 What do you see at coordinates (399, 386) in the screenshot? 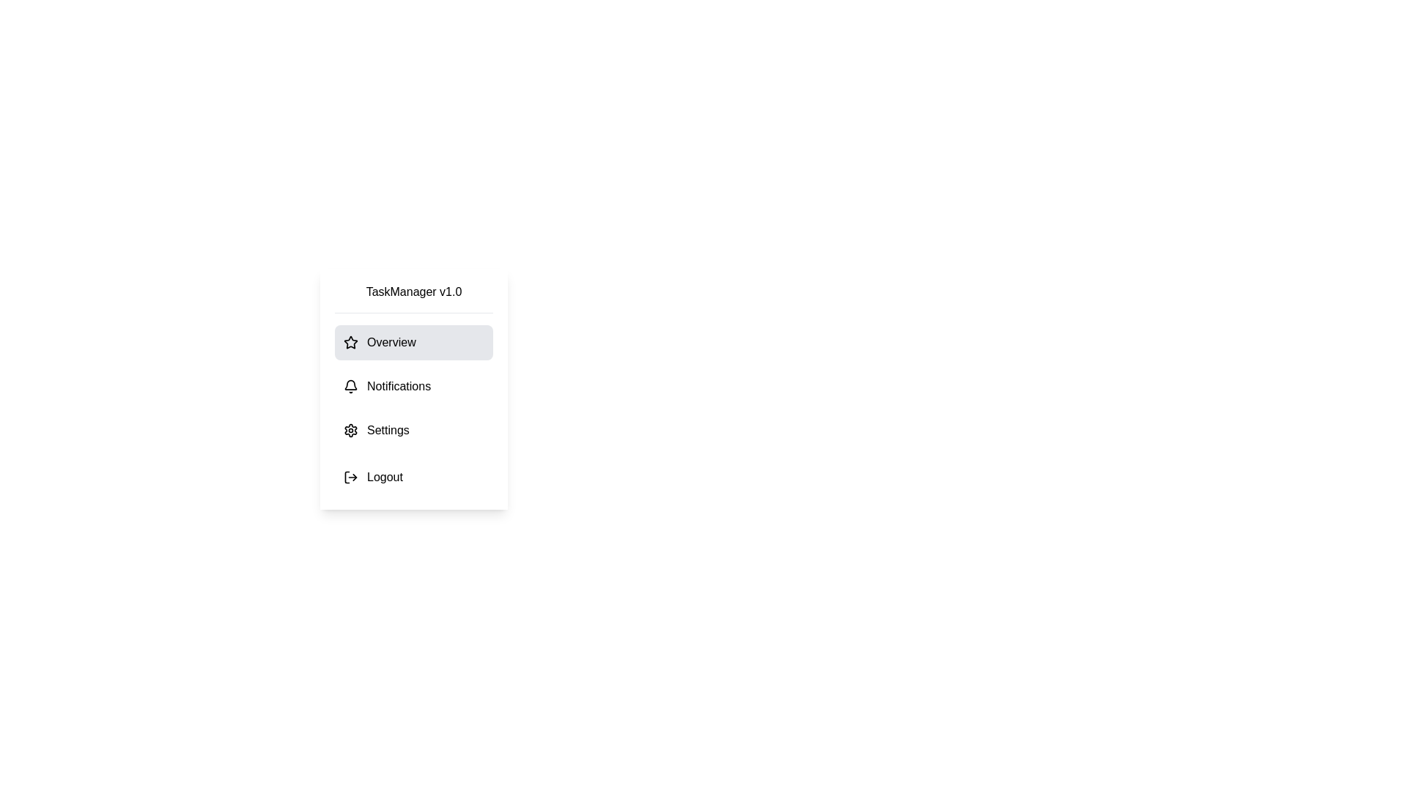
I see `text of the 'Notifications' label, which is the second menu item in the TaskManager v1.0 menu, located to the right of the bell icon` at bounding box center [399, 386].